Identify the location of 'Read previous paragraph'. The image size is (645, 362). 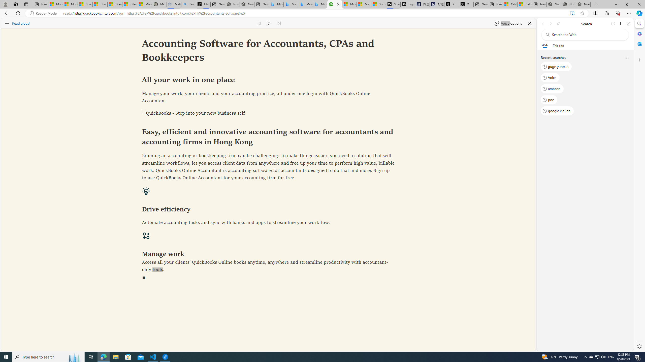
(259, 23).